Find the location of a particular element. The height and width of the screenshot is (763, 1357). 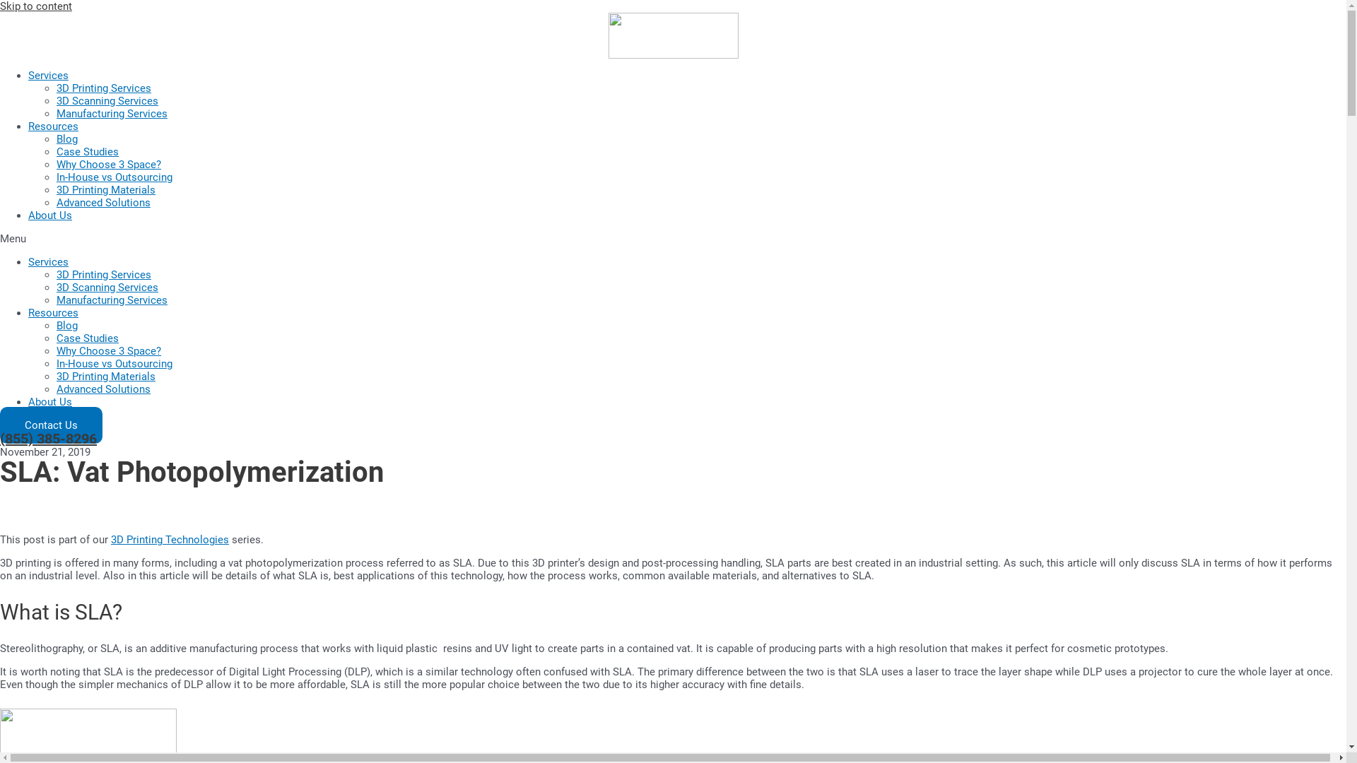

'In-House vs Outsourcing' is located at coordinates (57, 363).